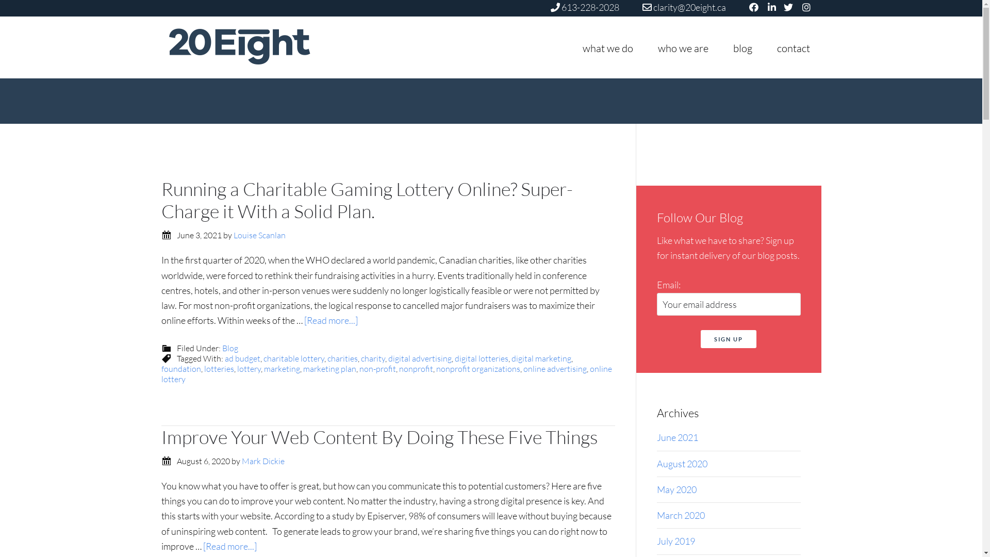 The height and width of the screenshot is (557, 990). What do you see at coordinates (585, 7) in the screenshot?
I see `'613-228-2028'` at bounding box center [585, 7].